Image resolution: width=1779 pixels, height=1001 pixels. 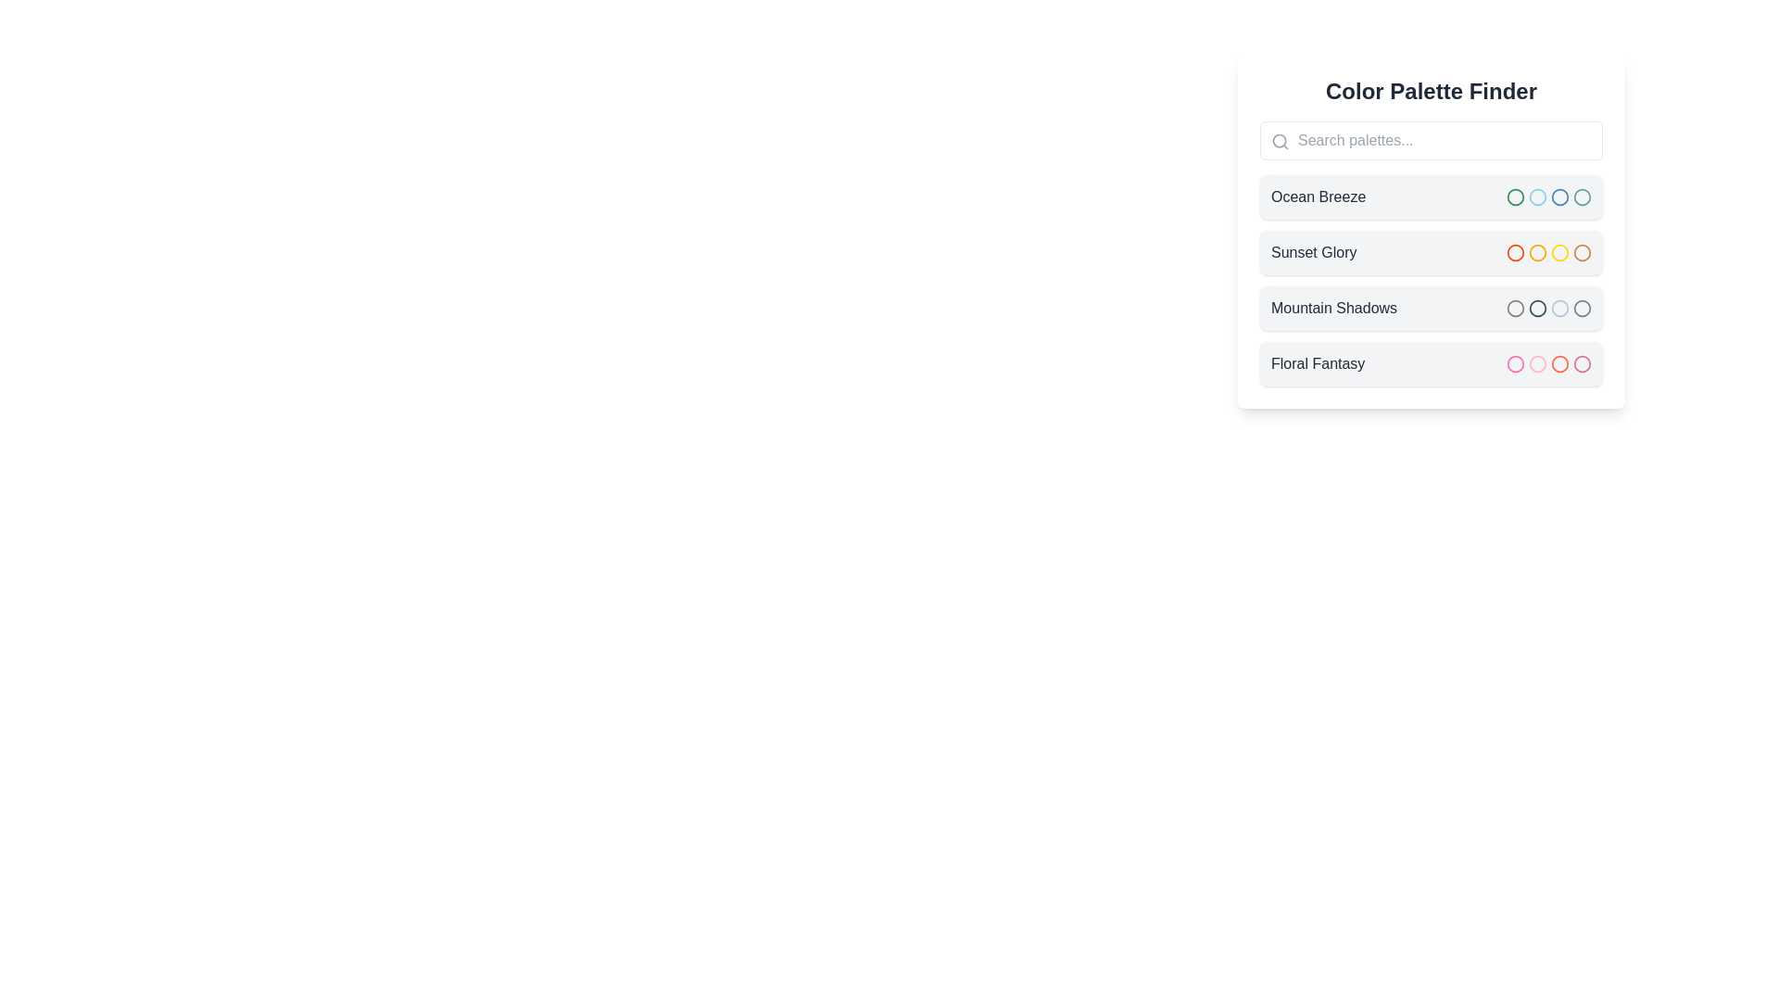 What do you see at coordinates (1431, 253) in the screenshot?
I see `the 'Sunset Glory' color palette selection in the vertical menu` at bounding box center [1431, 253].